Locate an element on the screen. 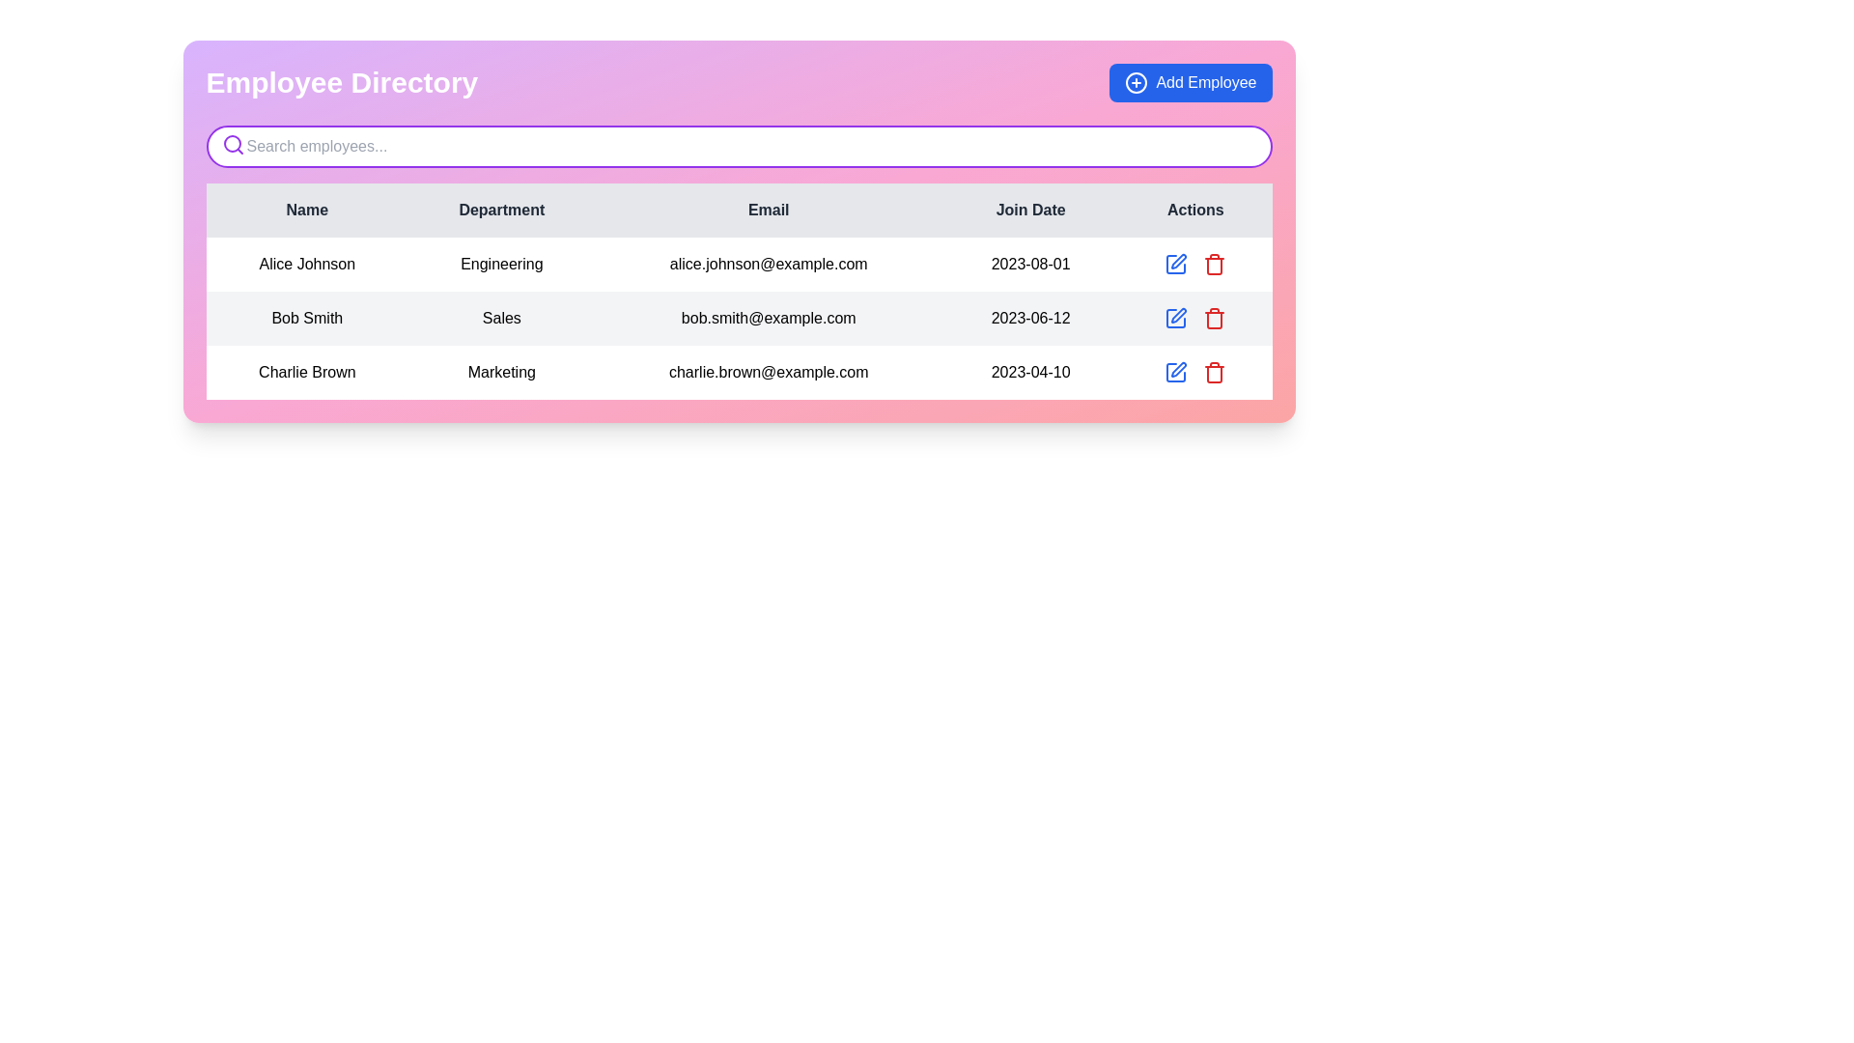  text displayed in the Text Label showing the join date information for Alice Johnson, located in the fourth column of the first row under the 'Join Date' header is located at coordinates (1029, 264).